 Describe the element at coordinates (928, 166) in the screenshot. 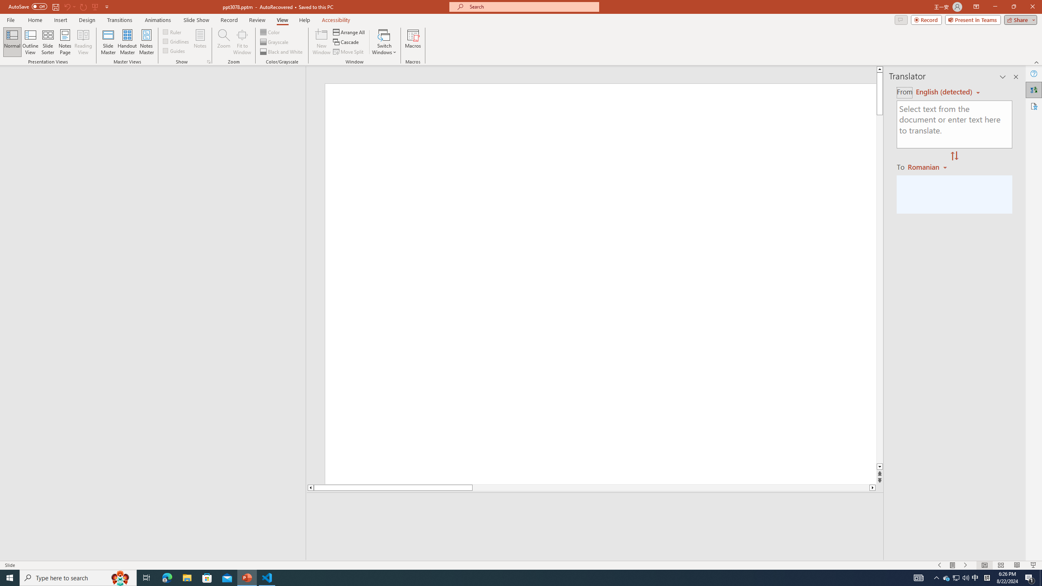

I see `'Romanian'` at that location.